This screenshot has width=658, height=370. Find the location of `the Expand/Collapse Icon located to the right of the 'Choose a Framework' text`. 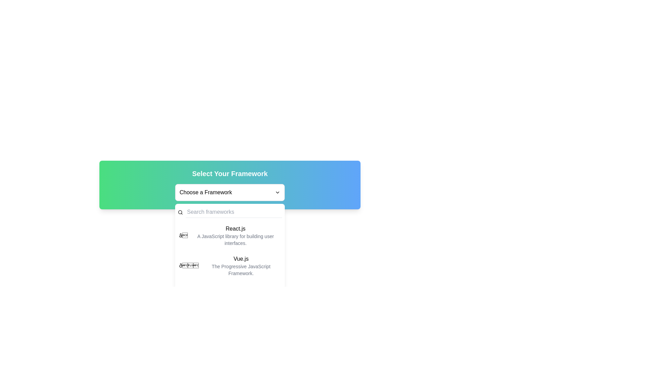

the Expand/Collapse Icon located to the right of the 'Choose a Framework' text is located at coordinates (278, 193).